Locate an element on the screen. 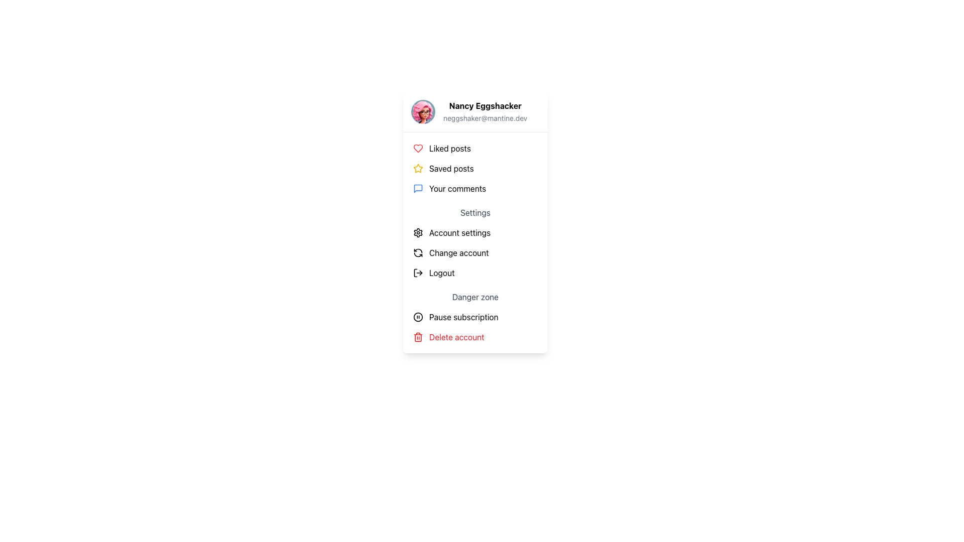 The image size is (964, 542). the star icon with a yellow outline located to the left of 'Saved posts' in the vertical menu list is located at coordinates (418, 168).